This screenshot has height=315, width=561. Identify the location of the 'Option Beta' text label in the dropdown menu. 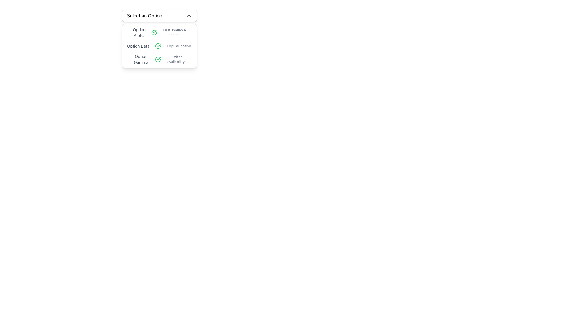
(138, 46).